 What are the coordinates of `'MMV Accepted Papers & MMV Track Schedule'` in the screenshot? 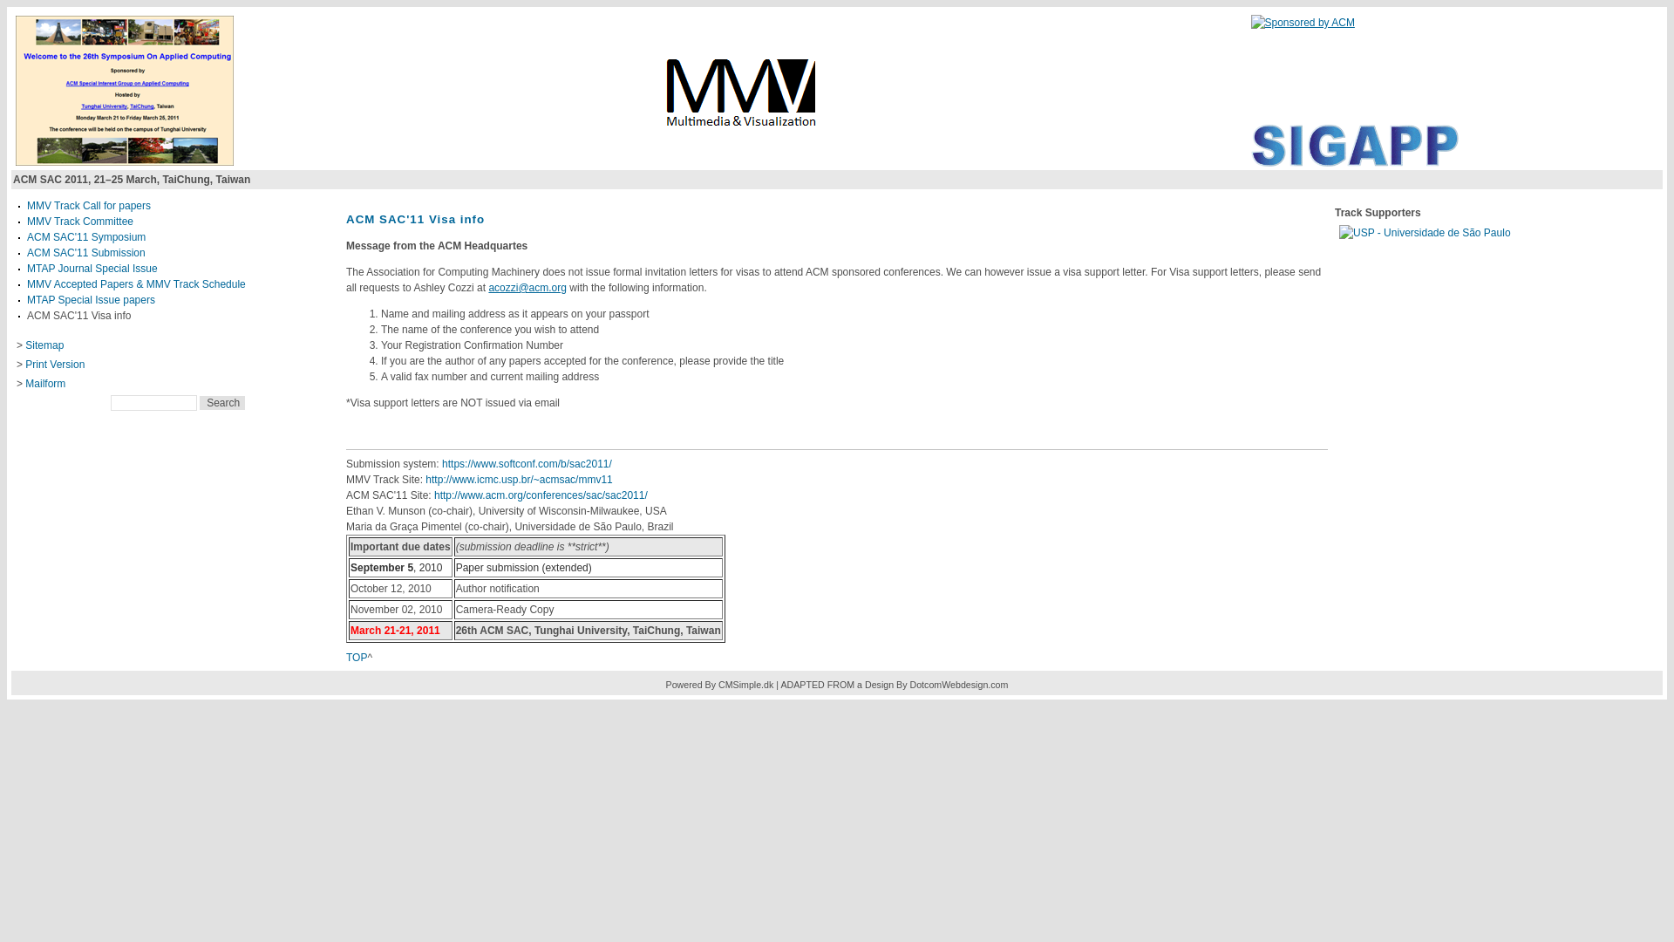 It's located at (135, 283).